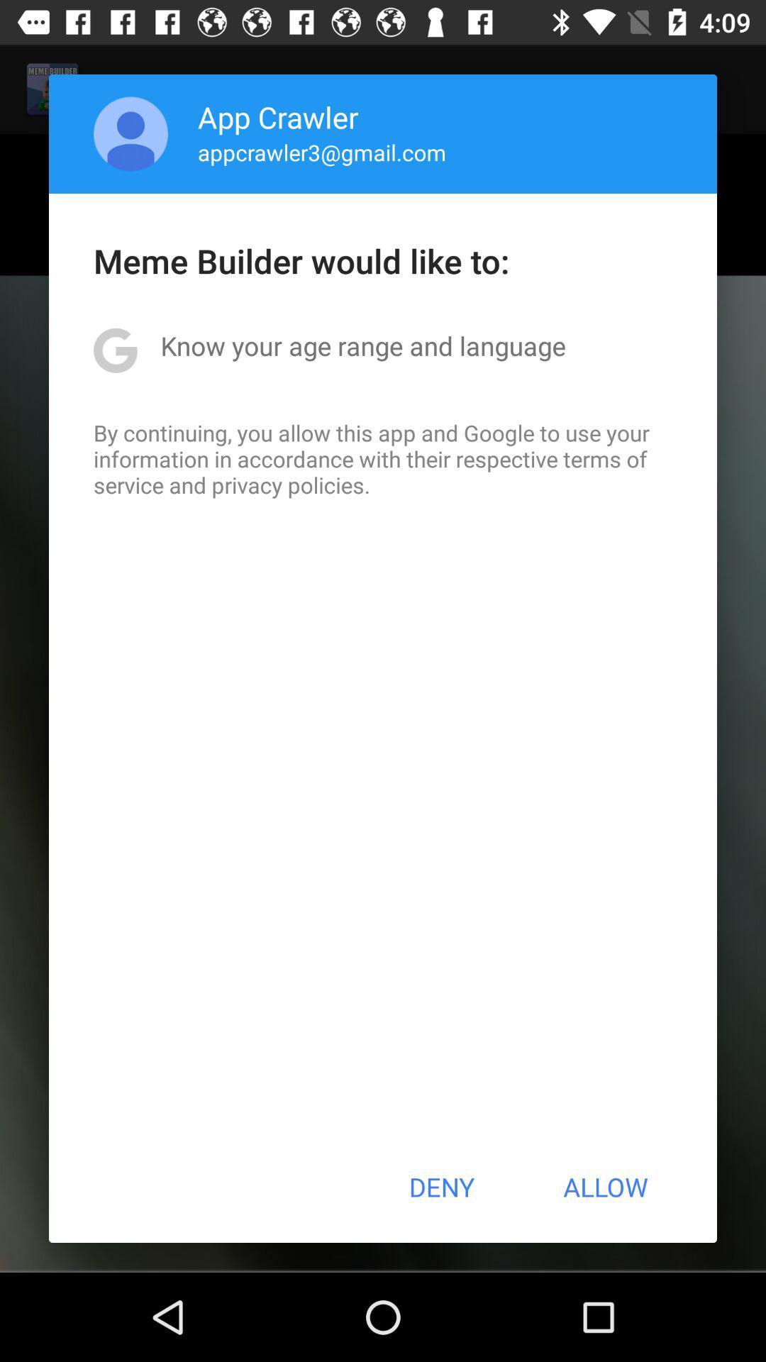 The image size is (766, 1362). Describe the element at coordinates (440, 1187) in the screenshot. I see `the icon next to the allow` at that location.